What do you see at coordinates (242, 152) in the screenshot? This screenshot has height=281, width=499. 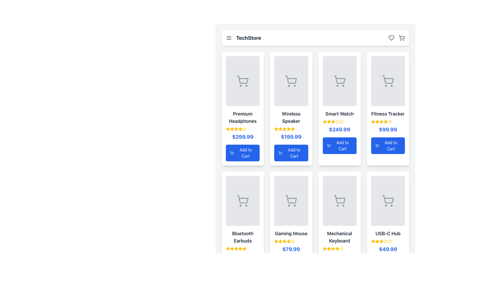 I see `the 'Add to Cart' button, a blue rectangular button with rounded corners featuring white text and a shopping cart icon, located at the bottom of the 'Premium Headphones' product card` at bounding box center [242, 152].